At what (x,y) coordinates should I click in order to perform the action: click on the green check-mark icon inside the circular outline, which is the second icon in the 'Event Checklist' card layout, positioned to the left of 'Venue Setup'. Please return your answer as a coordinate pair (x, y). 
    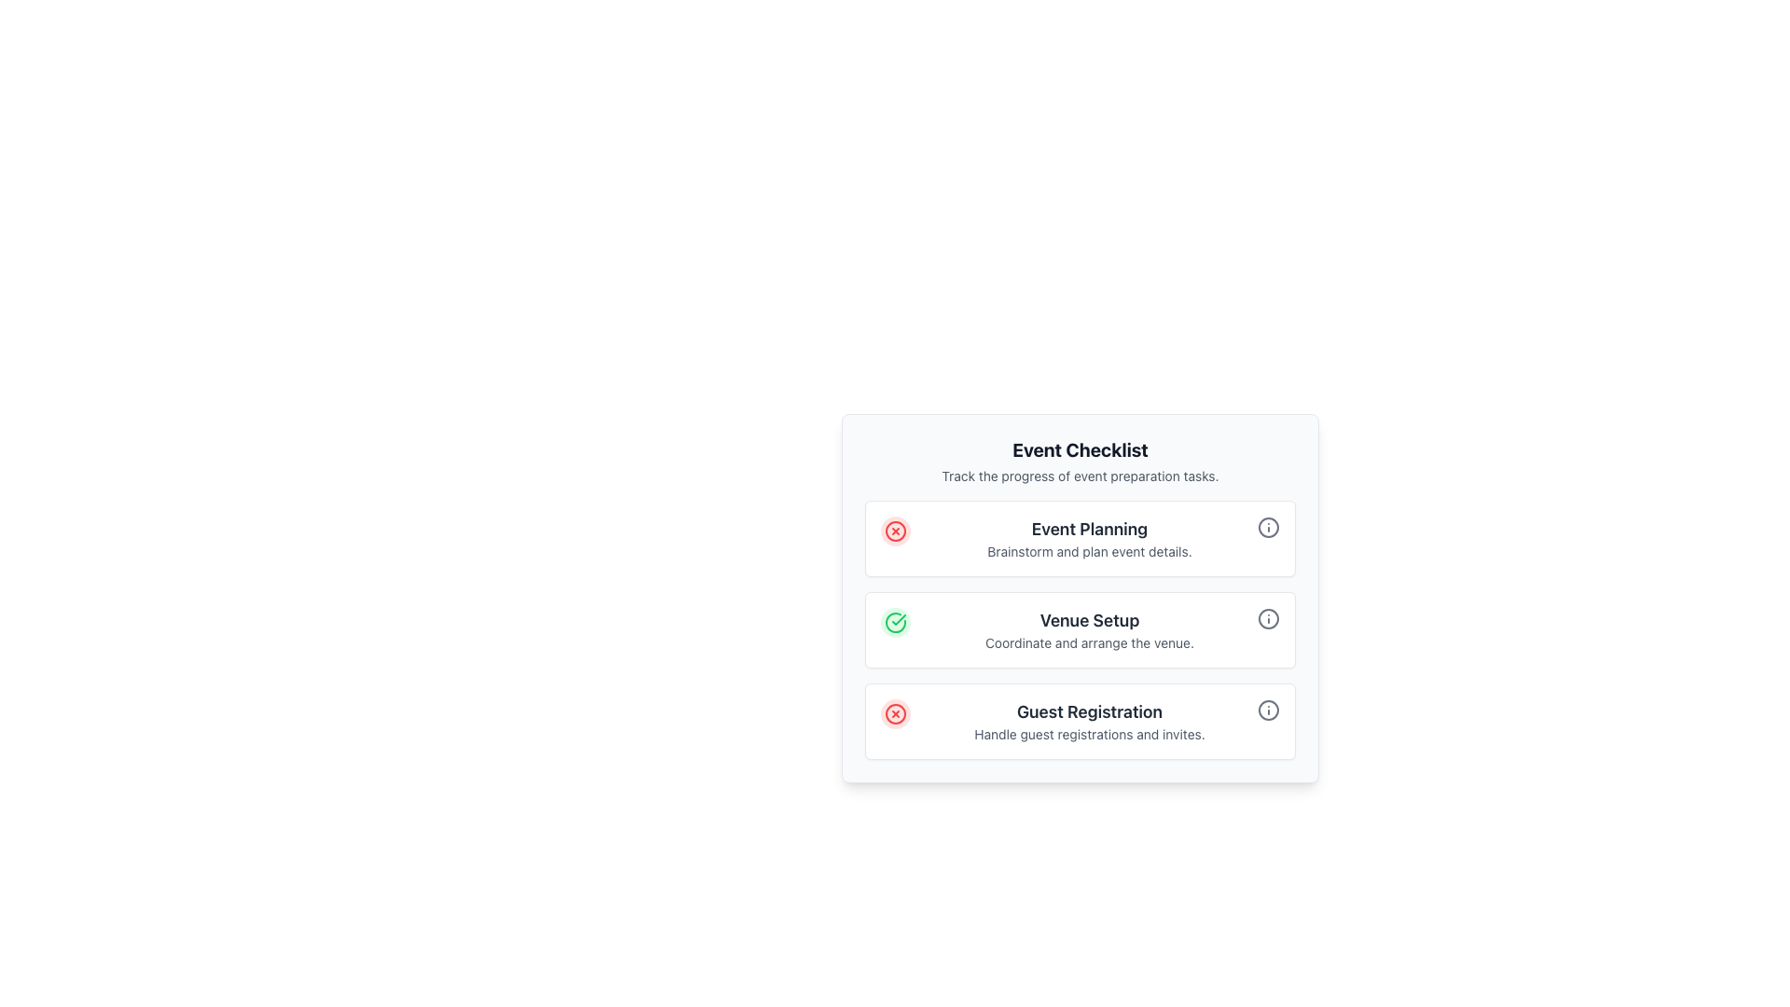
    Looking at the image, I should click on (895, 622).